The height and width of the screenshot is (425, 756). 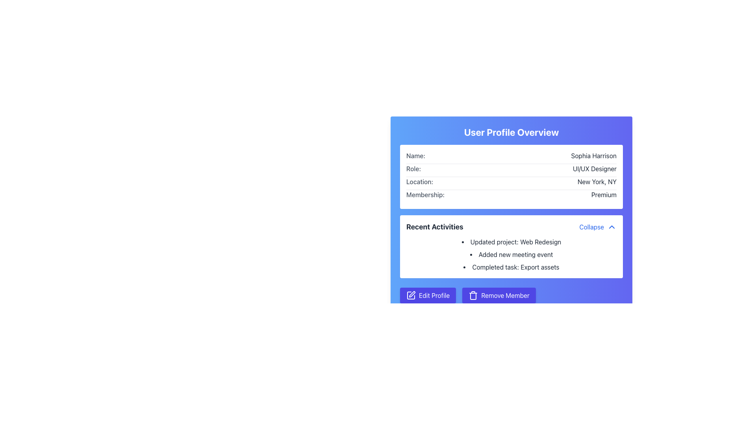 What do you see at coordinates (511, 176) in the screenshot?
I see `displayed information from the user profile overview panel, which contains details like 'Name:', 'Role:', 'Location:', and 'Membership:' in a tabular format` at bounding box center [511, 176].